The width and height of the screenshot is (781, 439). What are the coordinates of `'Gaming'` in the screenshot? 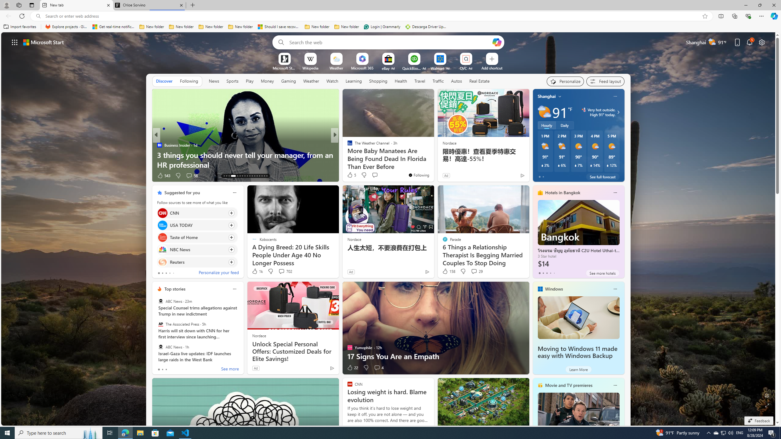 It's located at (288, 81).